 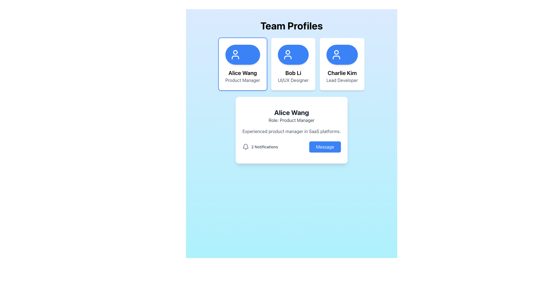 What do you see at coordinates (235, 57) in the screenshot?
I see `the user profile icon for 'Alice Wang' located in the top left of the interface within the first profile card in the 'Team Profiles' section` at bounding box center [235, 57].